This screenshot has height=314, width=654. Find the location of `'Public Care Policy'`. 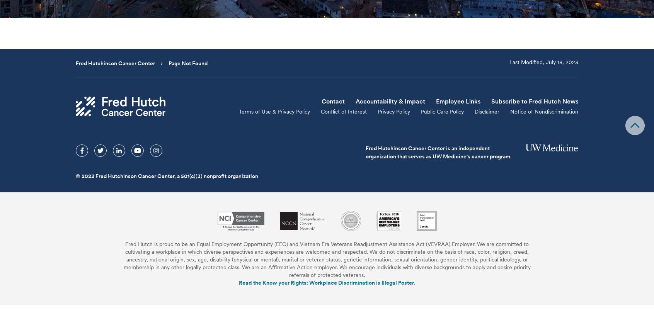

'Public Care Policy' is located at coordinates (421, 111).